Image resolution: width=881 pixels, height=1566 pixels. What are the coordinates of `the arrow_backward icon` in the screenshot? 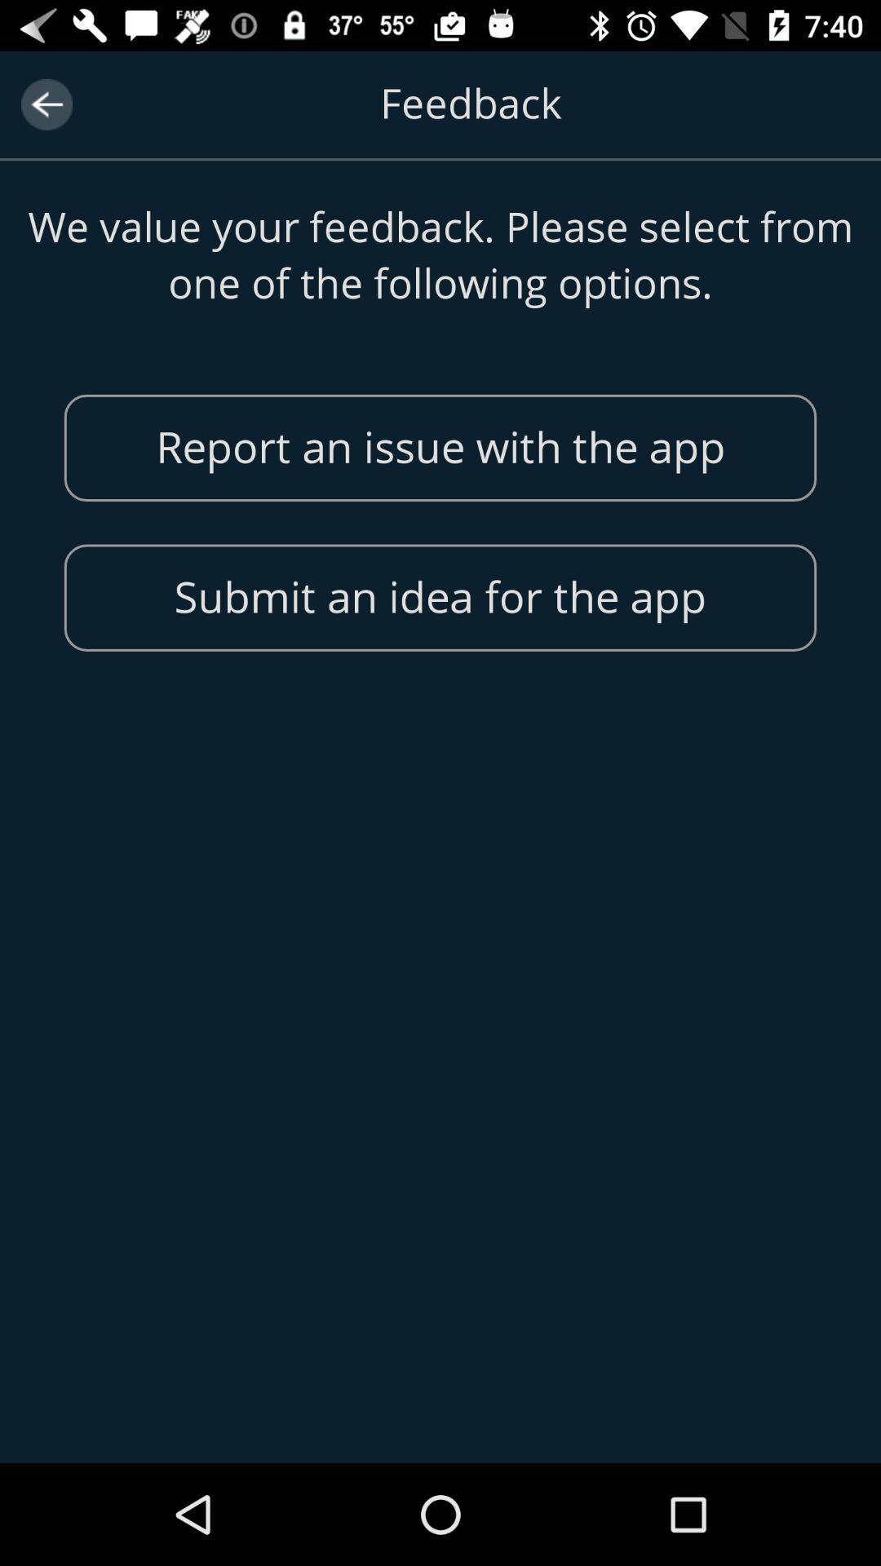 It's located at (46, 104).